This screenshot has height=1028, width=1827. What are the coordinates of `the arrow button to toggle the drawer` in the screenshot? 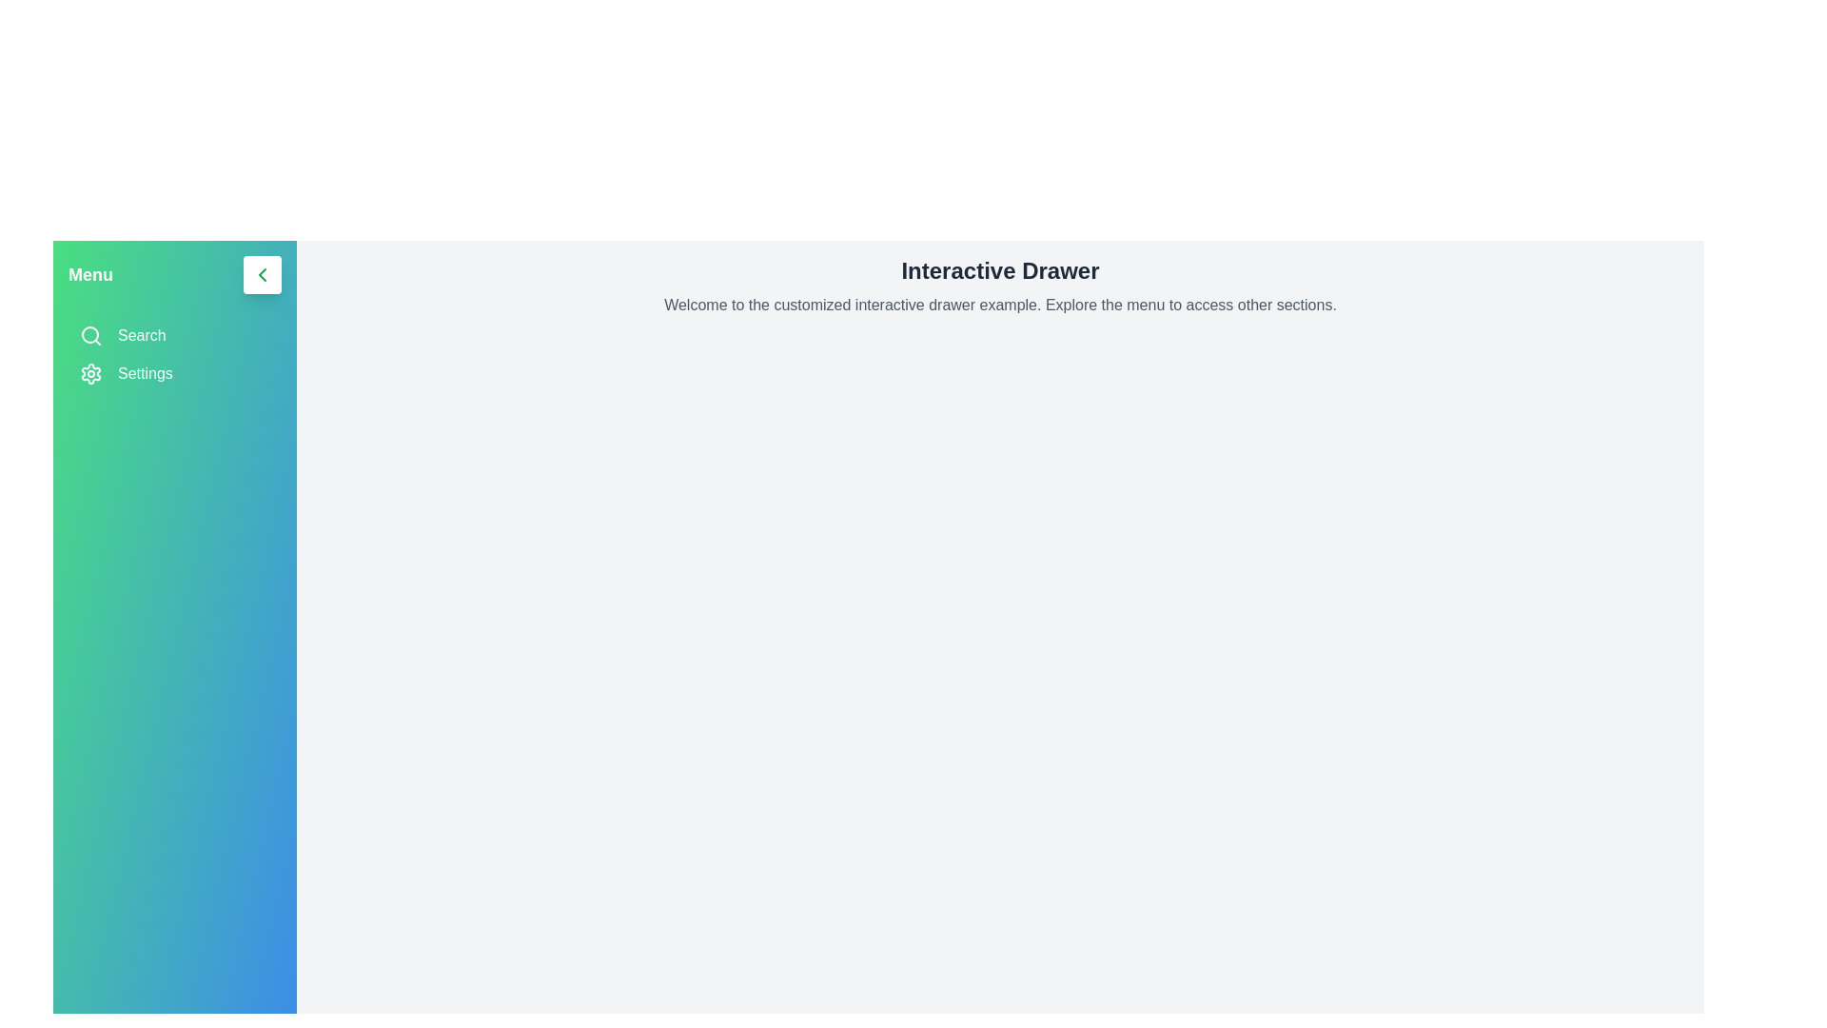 It's located at (261, 275).